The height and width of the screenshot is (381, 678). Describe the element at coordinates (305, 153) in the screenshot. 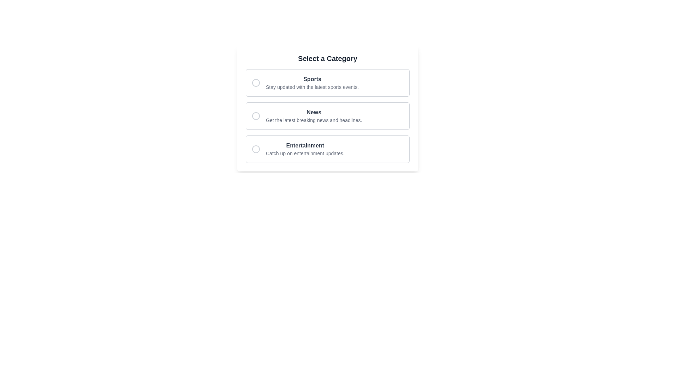

I see `the static descriptive text under the 'Entertainment' heading in the third option card of the vertically arranged list` at that location.